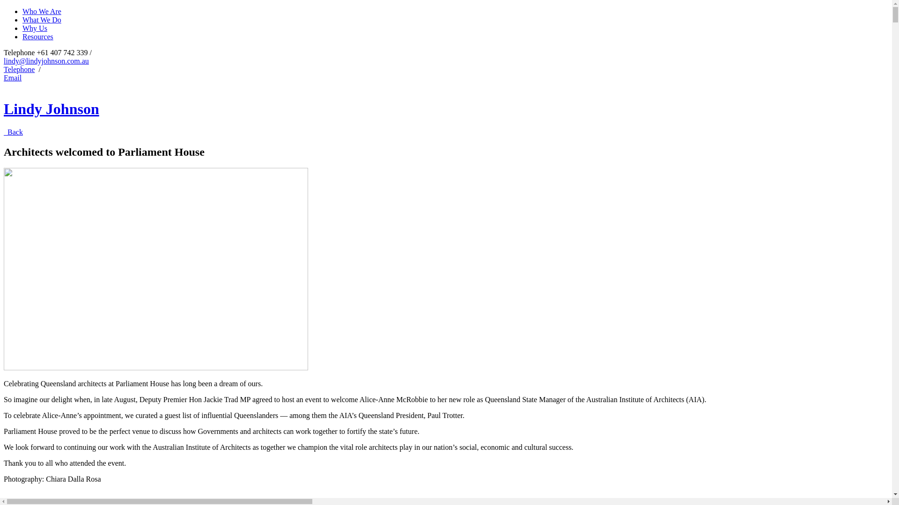  I want to click on 'Telephone', so click(19, 69).